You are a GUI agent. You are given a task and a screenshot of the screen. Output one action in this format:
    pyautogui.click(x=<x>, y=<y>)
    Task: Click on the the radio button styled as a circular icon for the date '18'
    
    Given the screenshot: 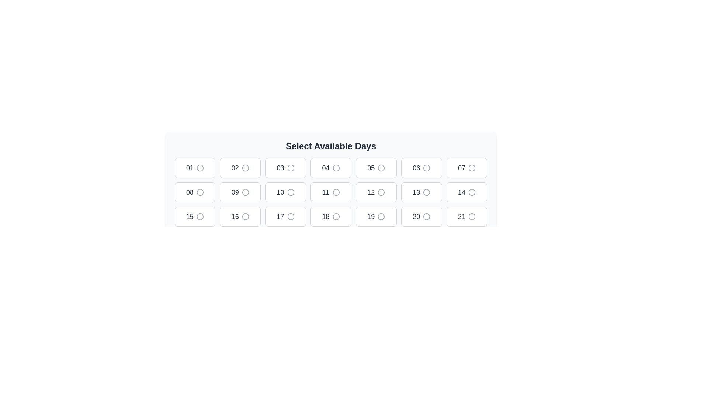 What is the action you would take?
    pyautogui.click(x=336, y=216)
    